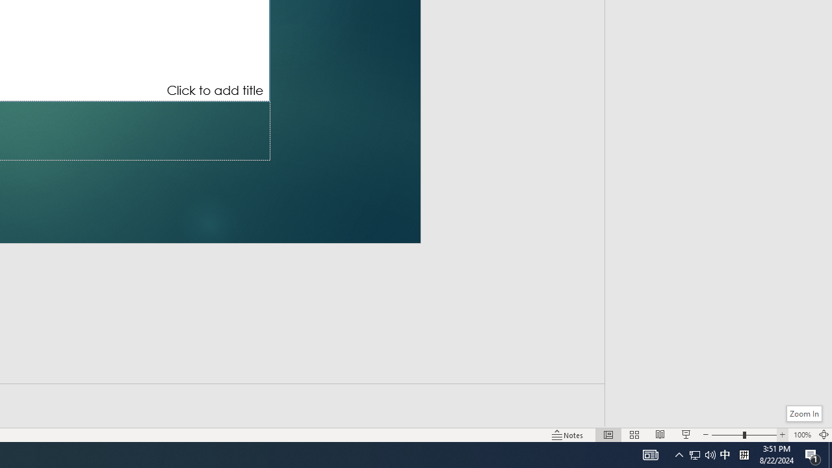  I want to click on 'Zoom to Fit ', so click(823, 435).